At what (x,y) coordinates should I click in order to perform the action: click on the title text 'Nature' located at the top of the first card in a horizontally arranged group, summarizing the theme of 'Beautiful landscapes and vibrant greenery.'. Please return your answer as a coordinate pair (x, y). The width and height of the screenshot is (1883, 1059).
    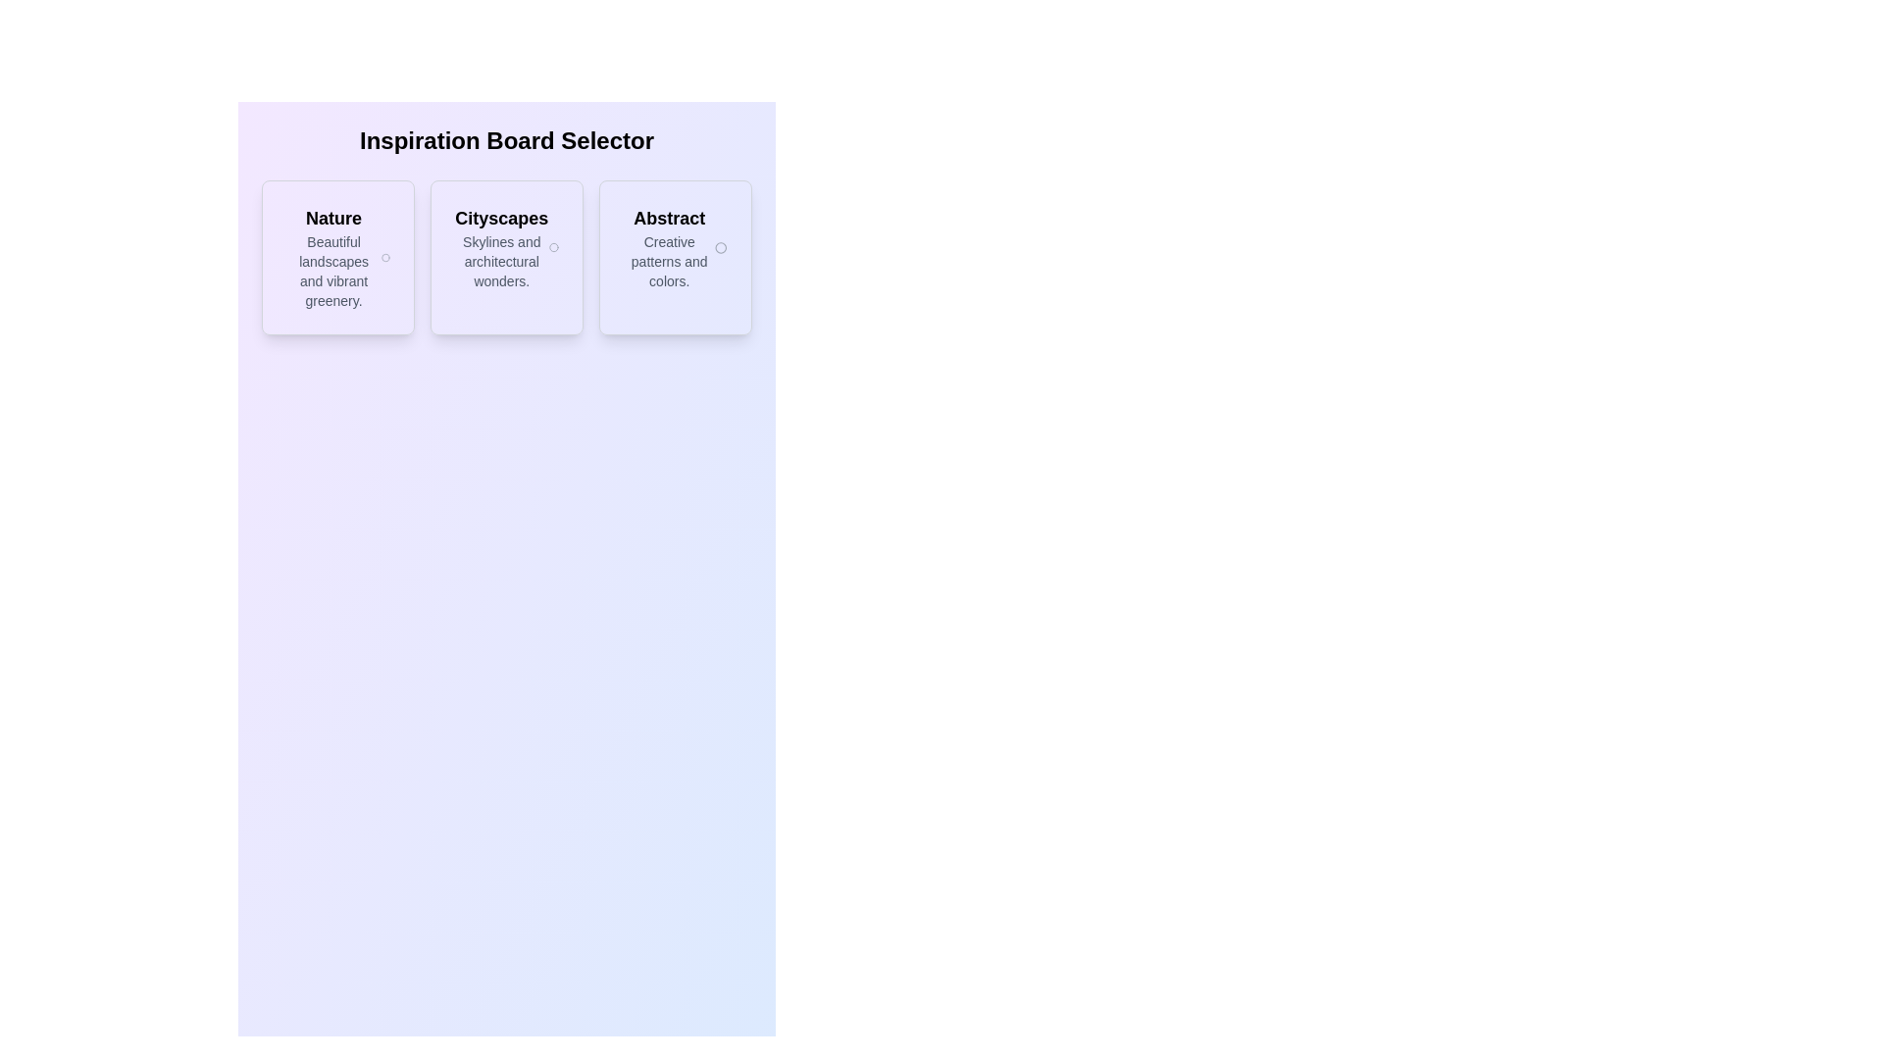
    Looking at the image, I should click on (333, 219).